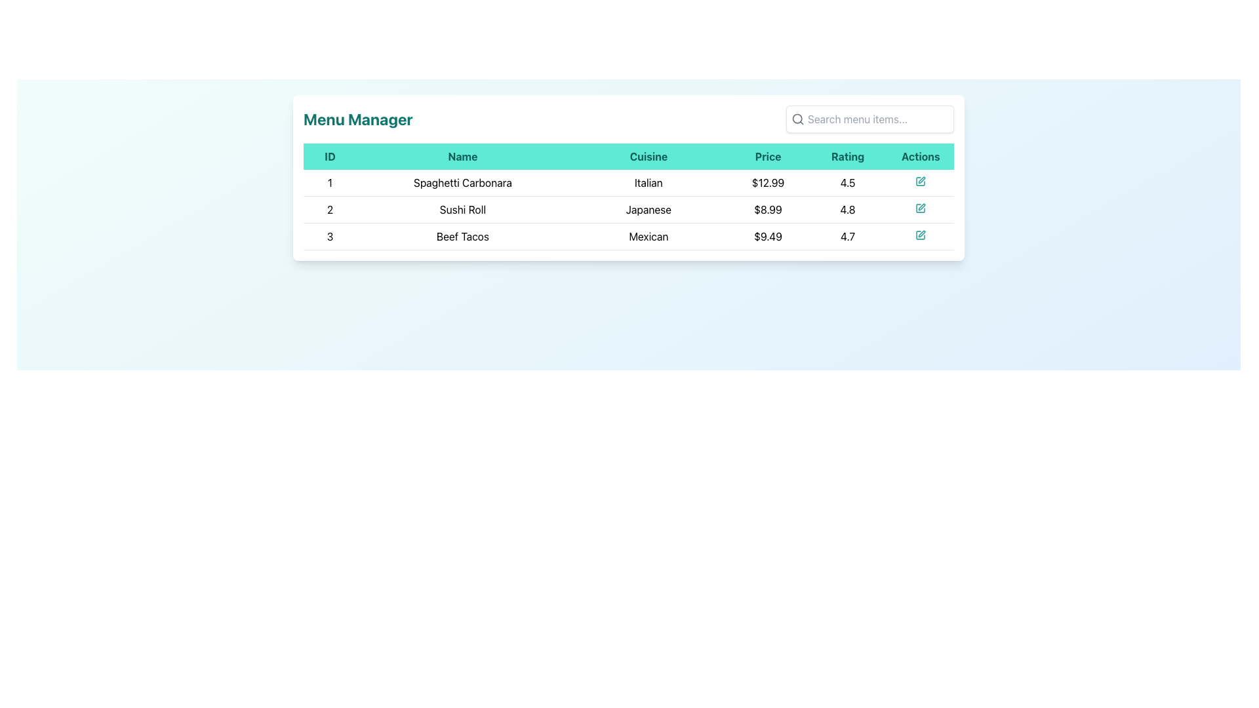  Describe the element at coordinates (920, 183) in the screenshot. I see `the teal icon button resembling a pen or edit symbol located in the 'Actions' column of the 'Menu Manager' table for 'Spaghetti Carbonara'` at that location.